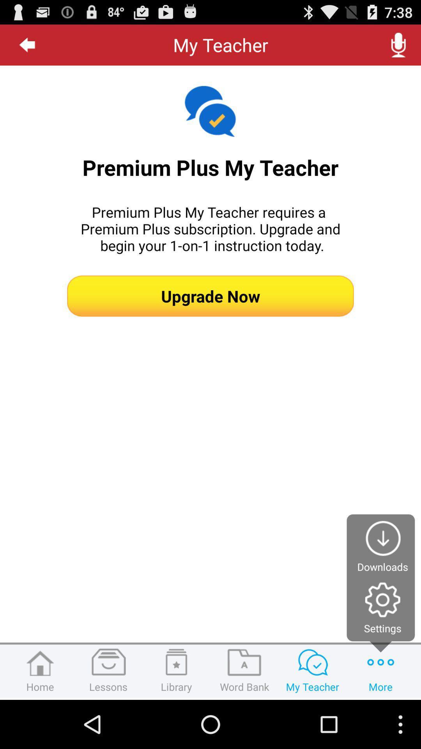 The image size is (421, 749). I want to click on the icon next to my teacher icon, so click(27, 44).